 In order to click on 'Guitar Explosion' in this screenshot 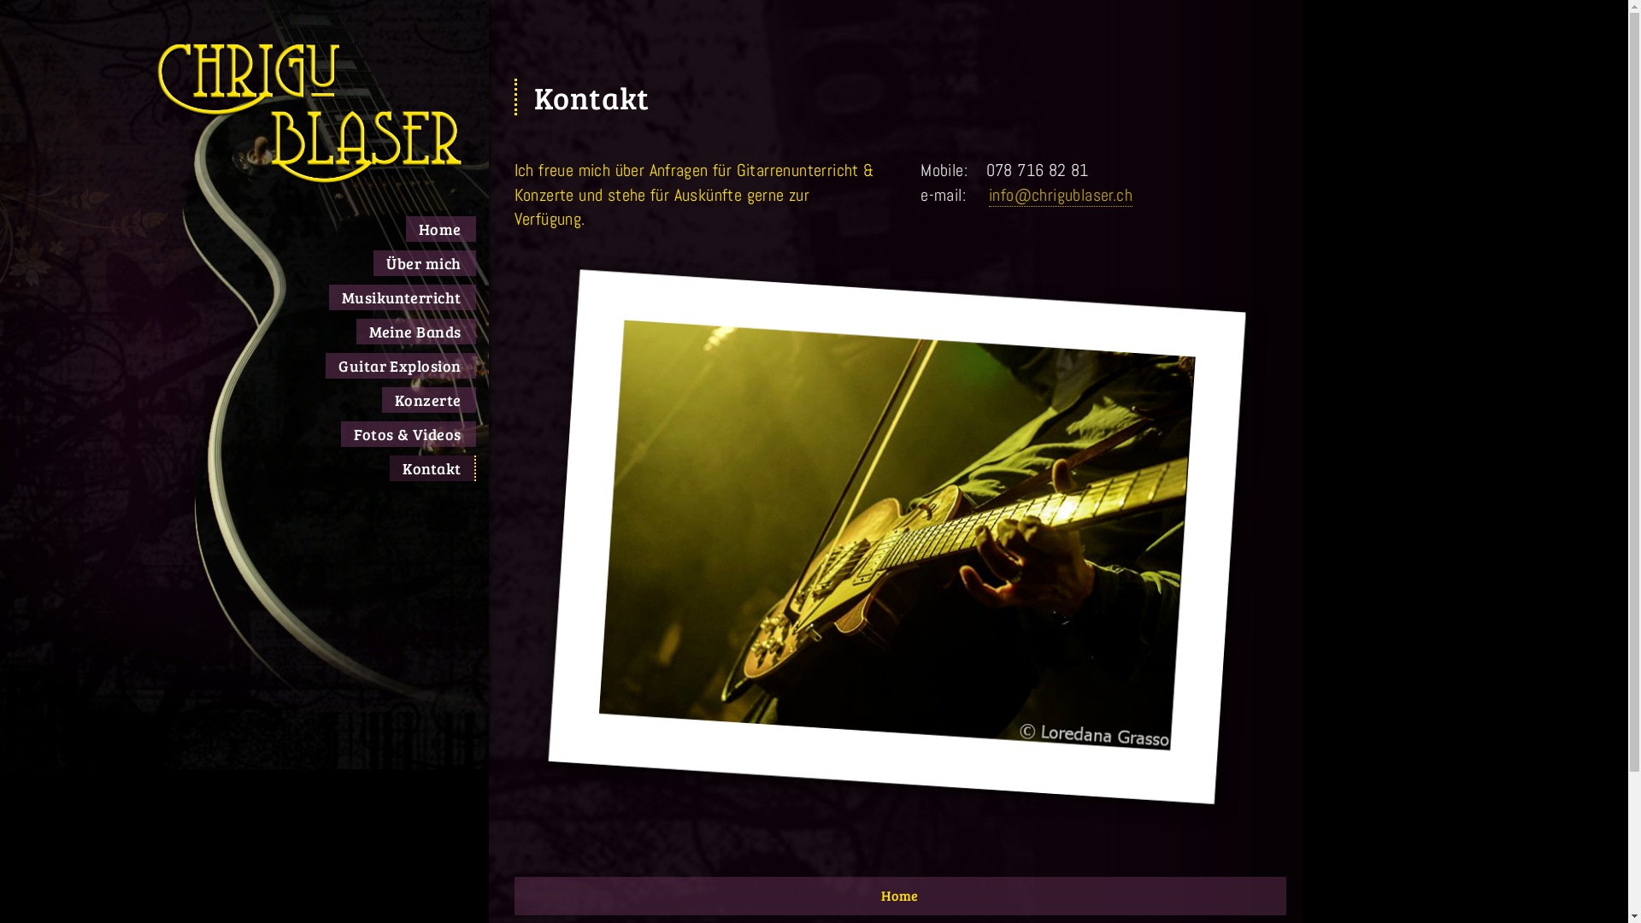, I will do `click(399, 365)`.